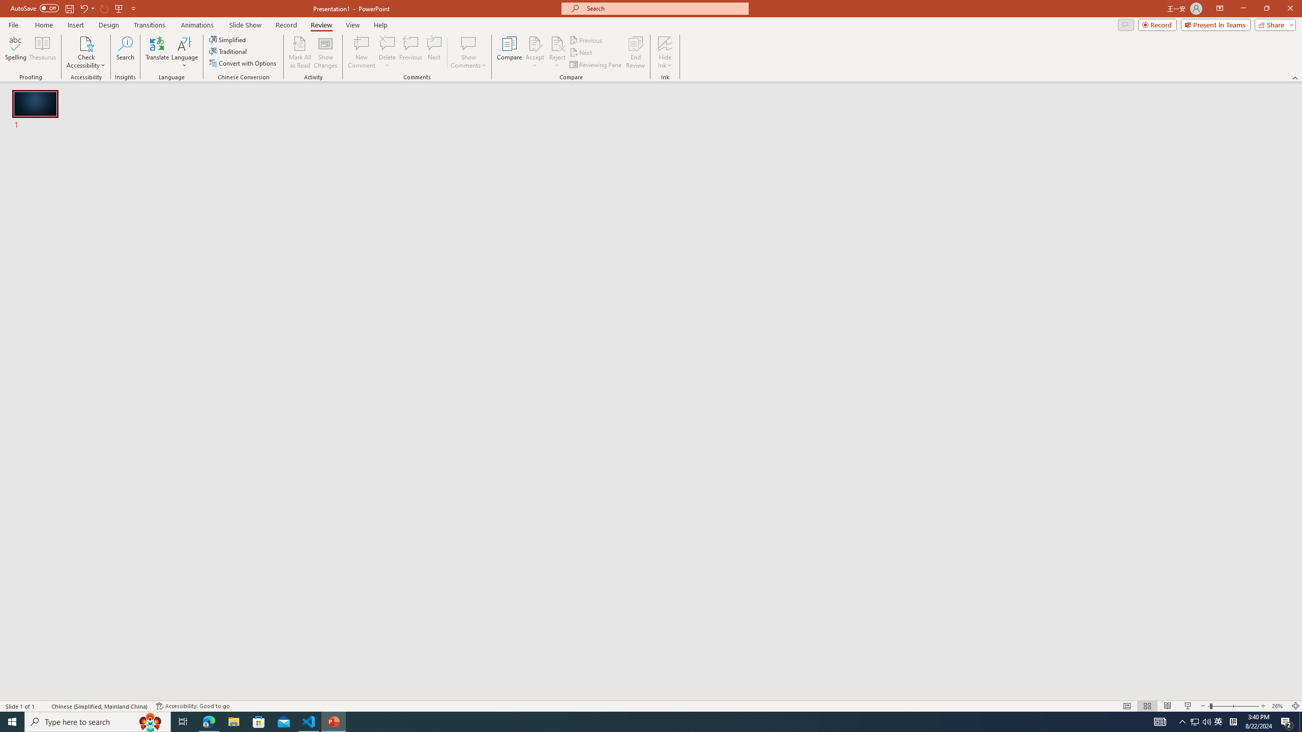  What do you see at coordinates (228, 50) in the screenshot?
I see `'Traditional'` at bounding box center [228, 50].